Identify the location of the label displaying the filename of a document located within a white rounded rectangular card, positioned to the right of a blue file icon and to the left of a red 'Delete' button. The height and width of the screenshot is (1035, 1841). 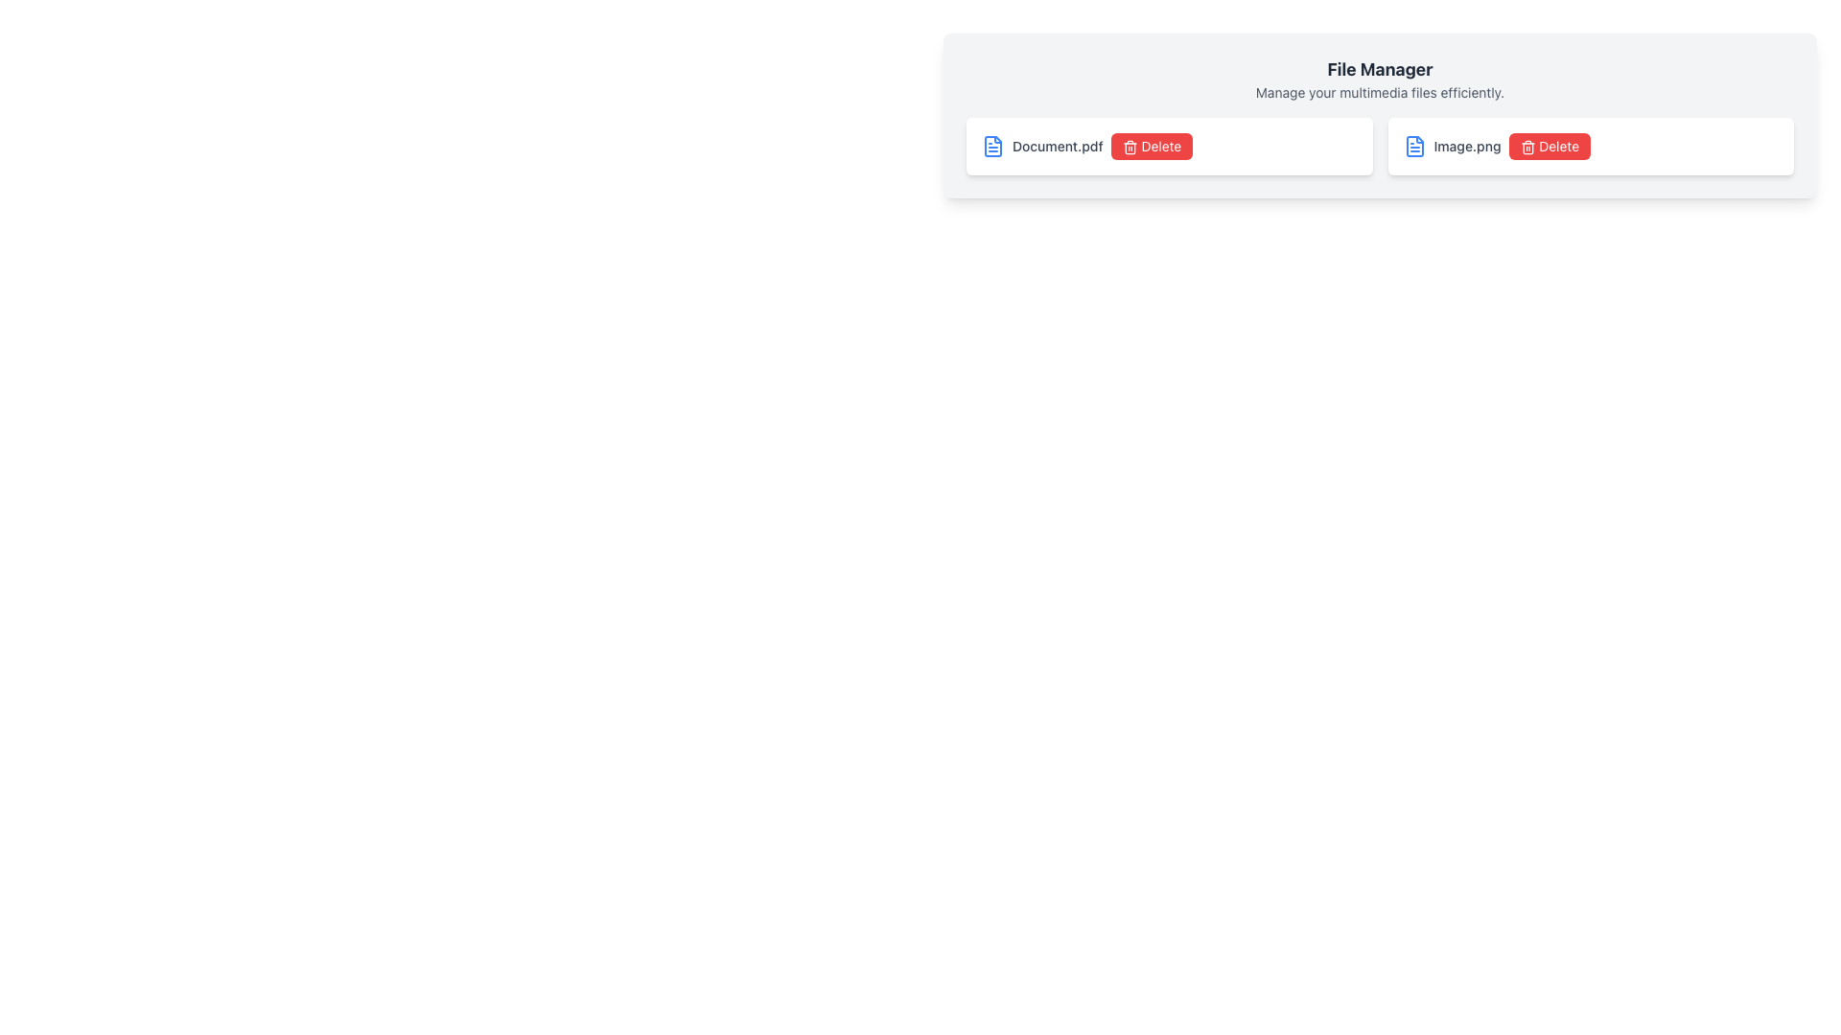
(1466, 146).